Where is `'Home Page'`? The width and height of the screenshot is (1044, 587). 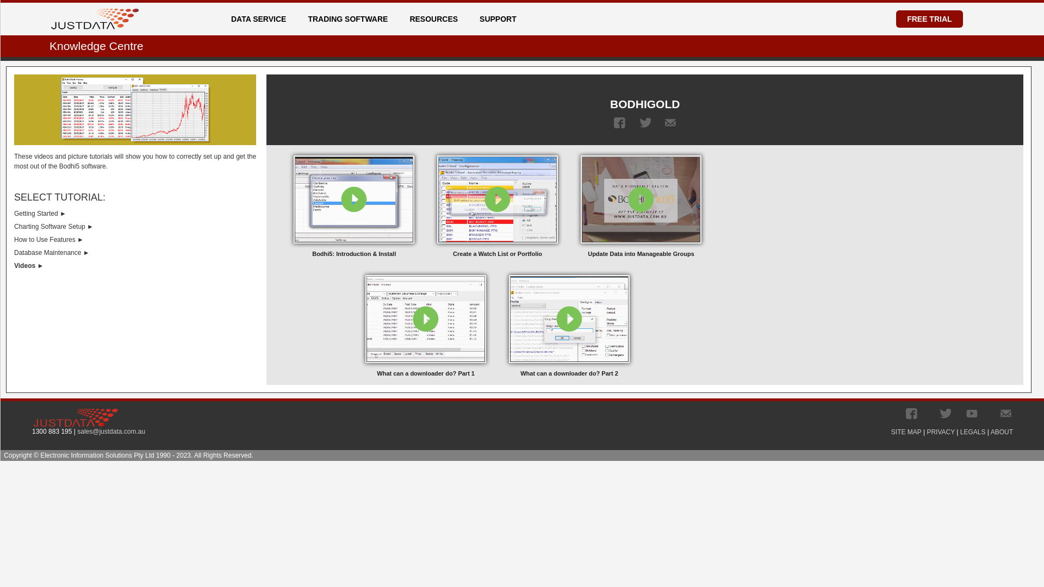
'Home Page' is located at coordinates (95, 14).